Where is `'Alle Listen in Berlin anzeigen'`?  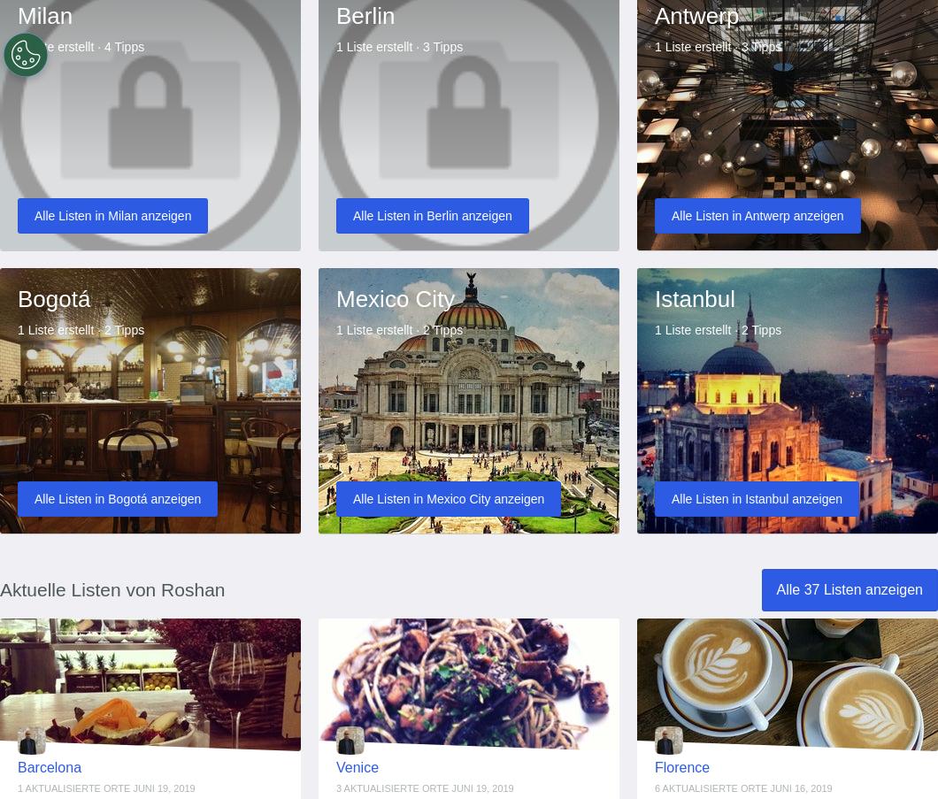
'Alle Listen in Berlin anzeigen' is located at coordinates (431, 214).